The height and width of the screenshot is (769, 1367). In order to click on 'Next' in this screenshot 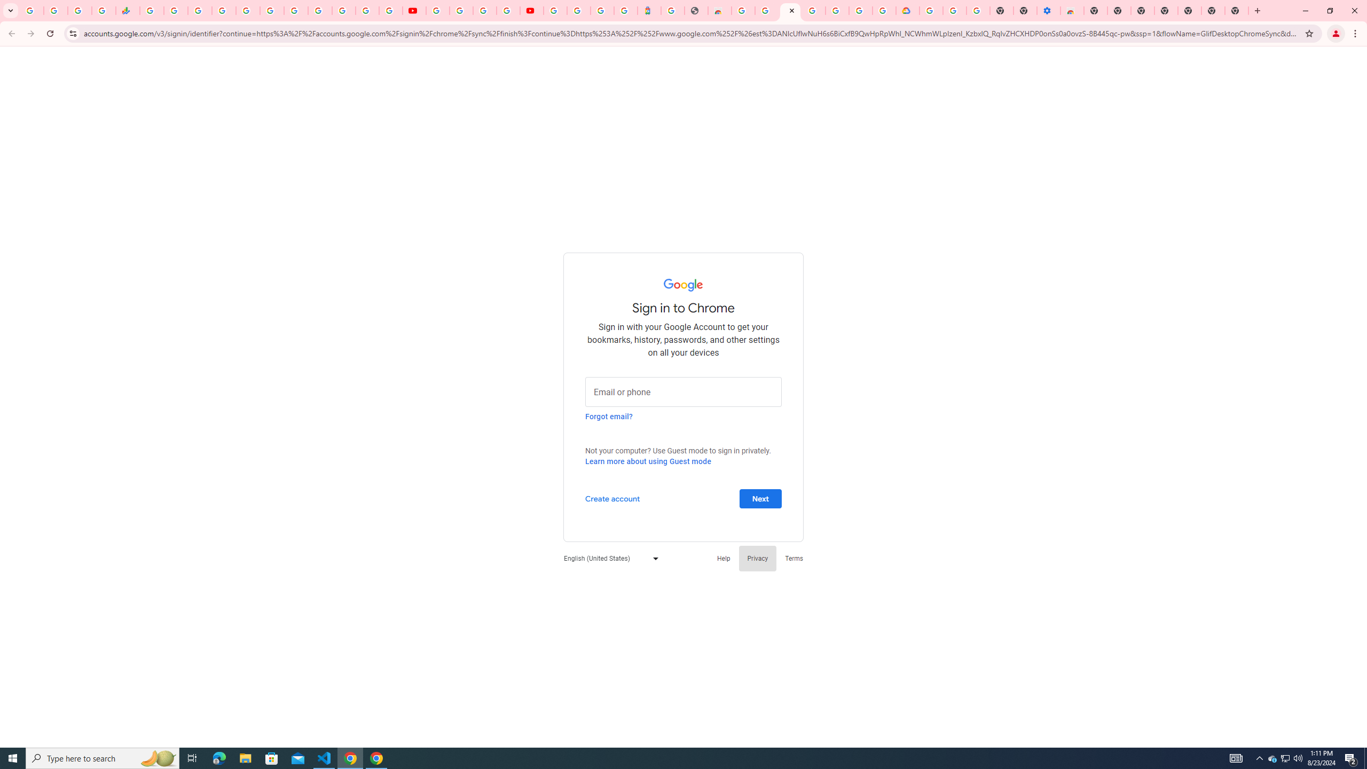, I will do `click(760, 498)`.